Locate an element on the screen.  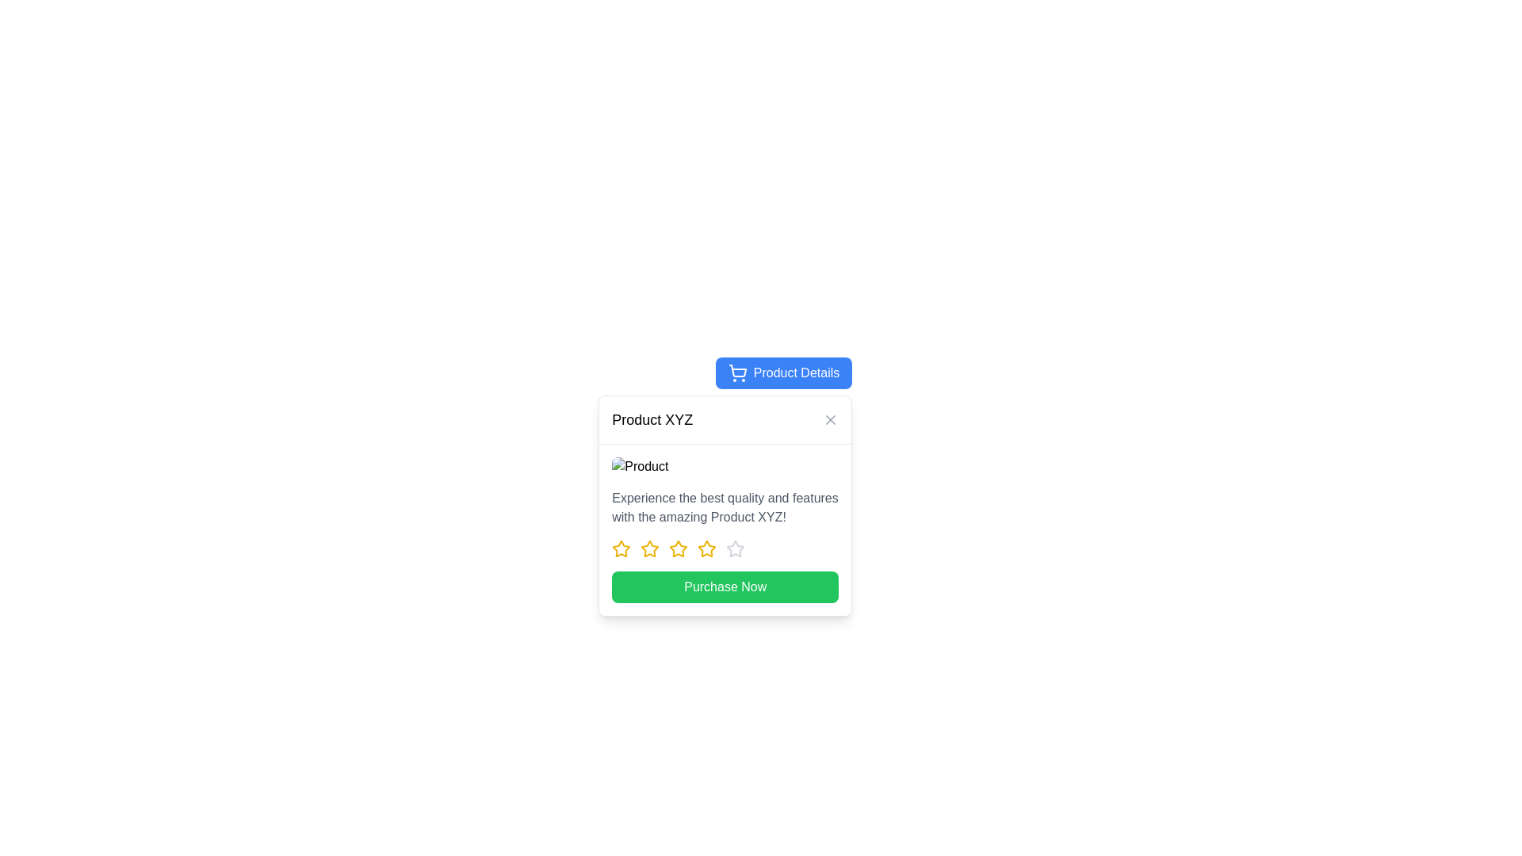
the first star rating icon to indicate a one-star rating for the product, which is positioned above the 'Purchase Now' button and below the product description is located at coordinates (621, 548).